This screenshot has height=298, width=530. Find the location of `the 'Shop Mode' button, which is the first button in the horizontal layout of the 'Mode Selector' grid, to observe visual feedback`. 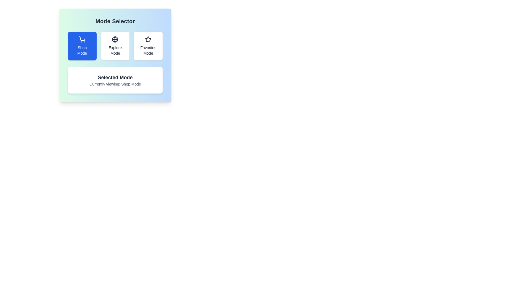

the 'Shop Mode' button, which is the first button in the horizontal layout of the 'Mode Selector' grid, to observe visual feedback is located at coordinates (82, 46).